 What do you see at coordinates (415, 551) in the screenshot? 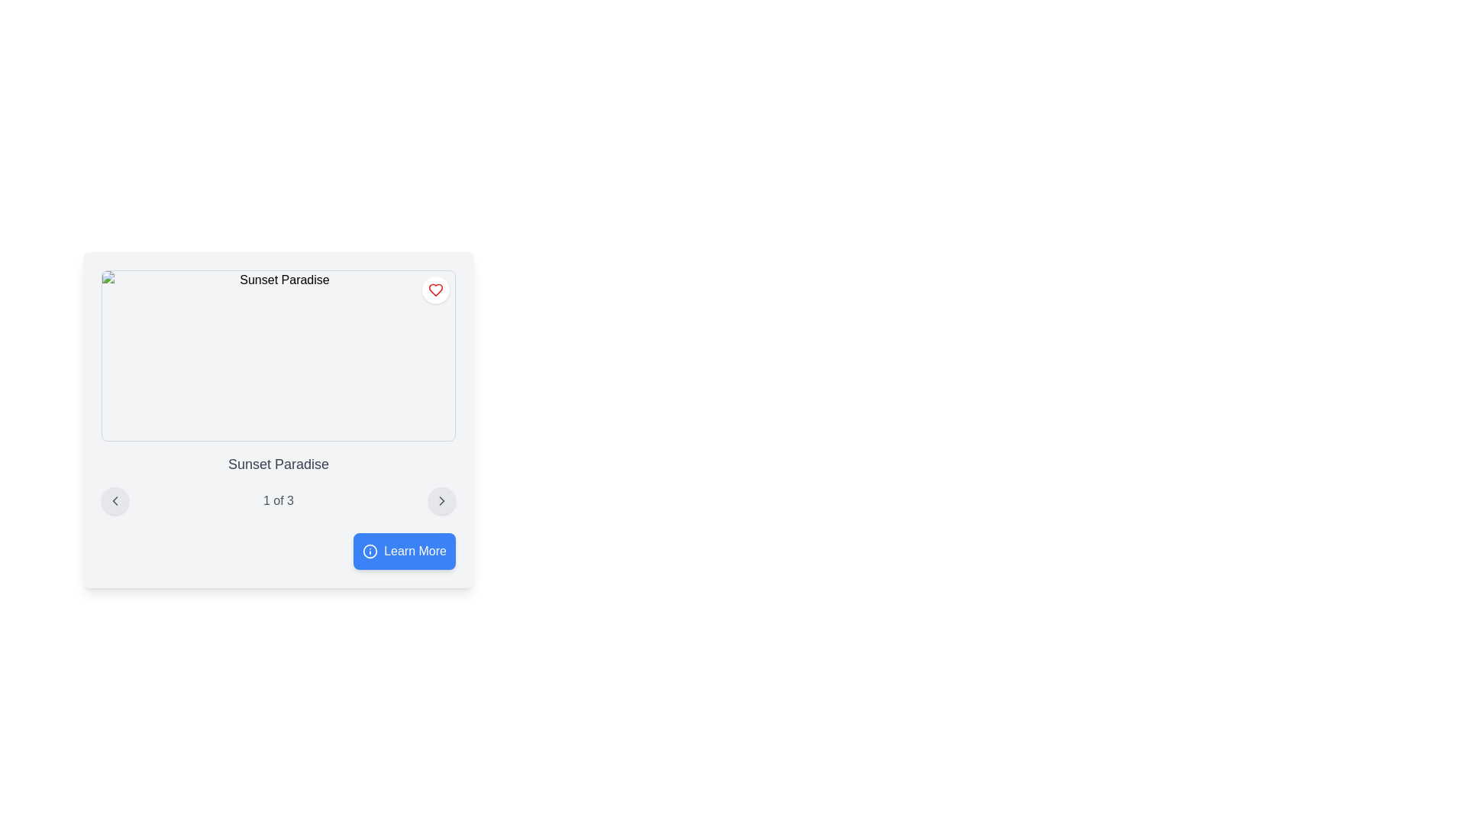
I see `the text label within the button located at the bottom-right corner of the central card` at bounding box center [415, 551].